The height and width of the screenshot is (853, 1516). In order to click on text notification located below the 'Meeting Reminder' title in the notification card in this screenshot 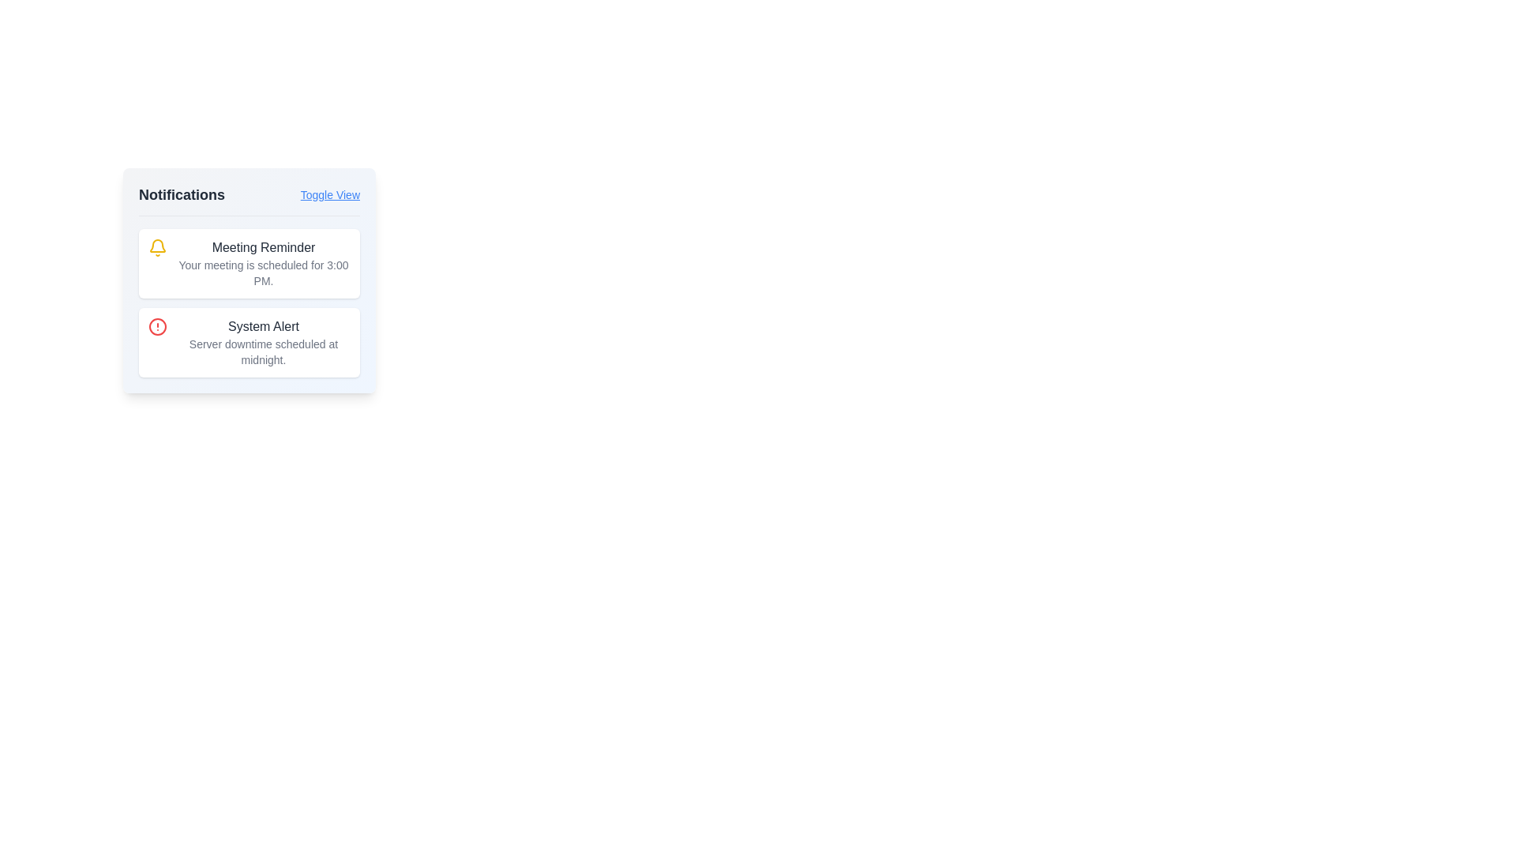, I will do `click(264, 272)`.